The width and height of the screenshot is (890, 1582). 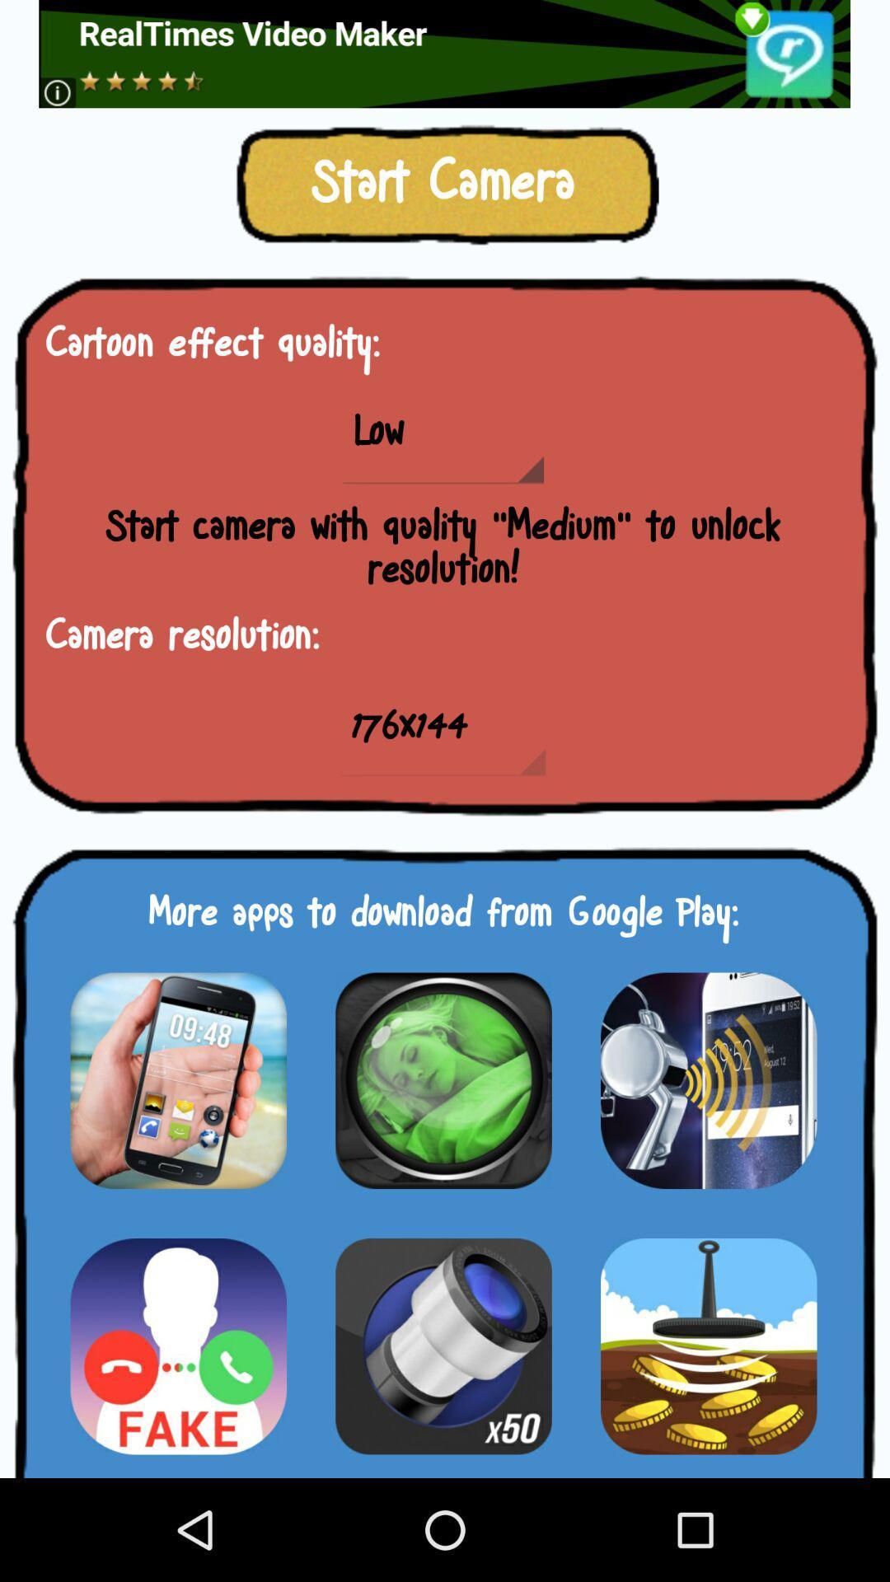 I want to click on redirect to app download page, so click(x=178, y=1080).